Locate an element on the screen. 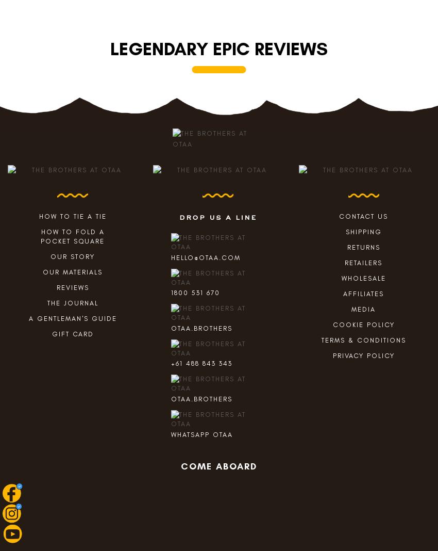  'Contact Us' is located at coordinates (363, 216).